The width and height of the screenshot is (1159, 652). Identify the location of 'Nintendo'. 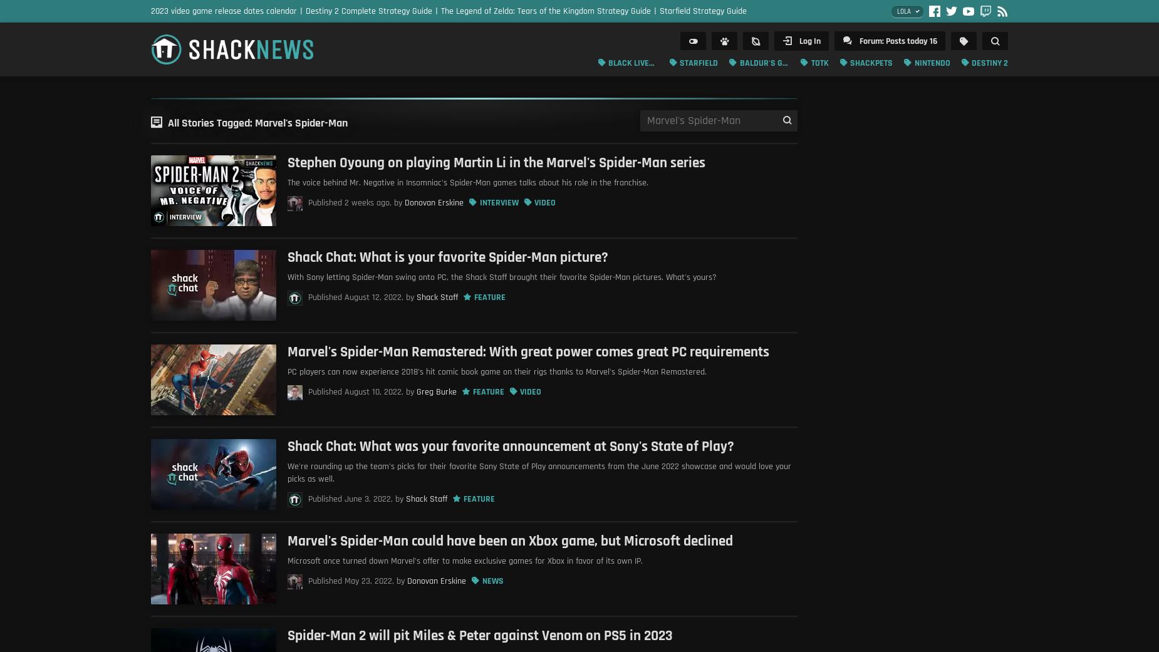
(932, 62).